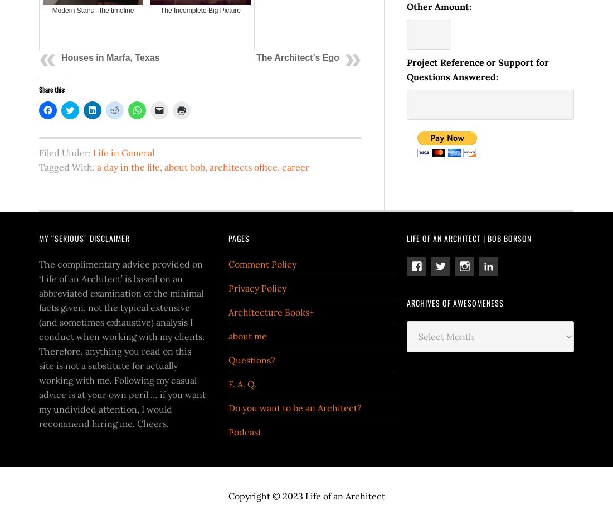 The height and width of the screenshot is (524, 613). Describe the element at coordinates (244, 430) in the screenshot. I see `'Podcast'` at that location.